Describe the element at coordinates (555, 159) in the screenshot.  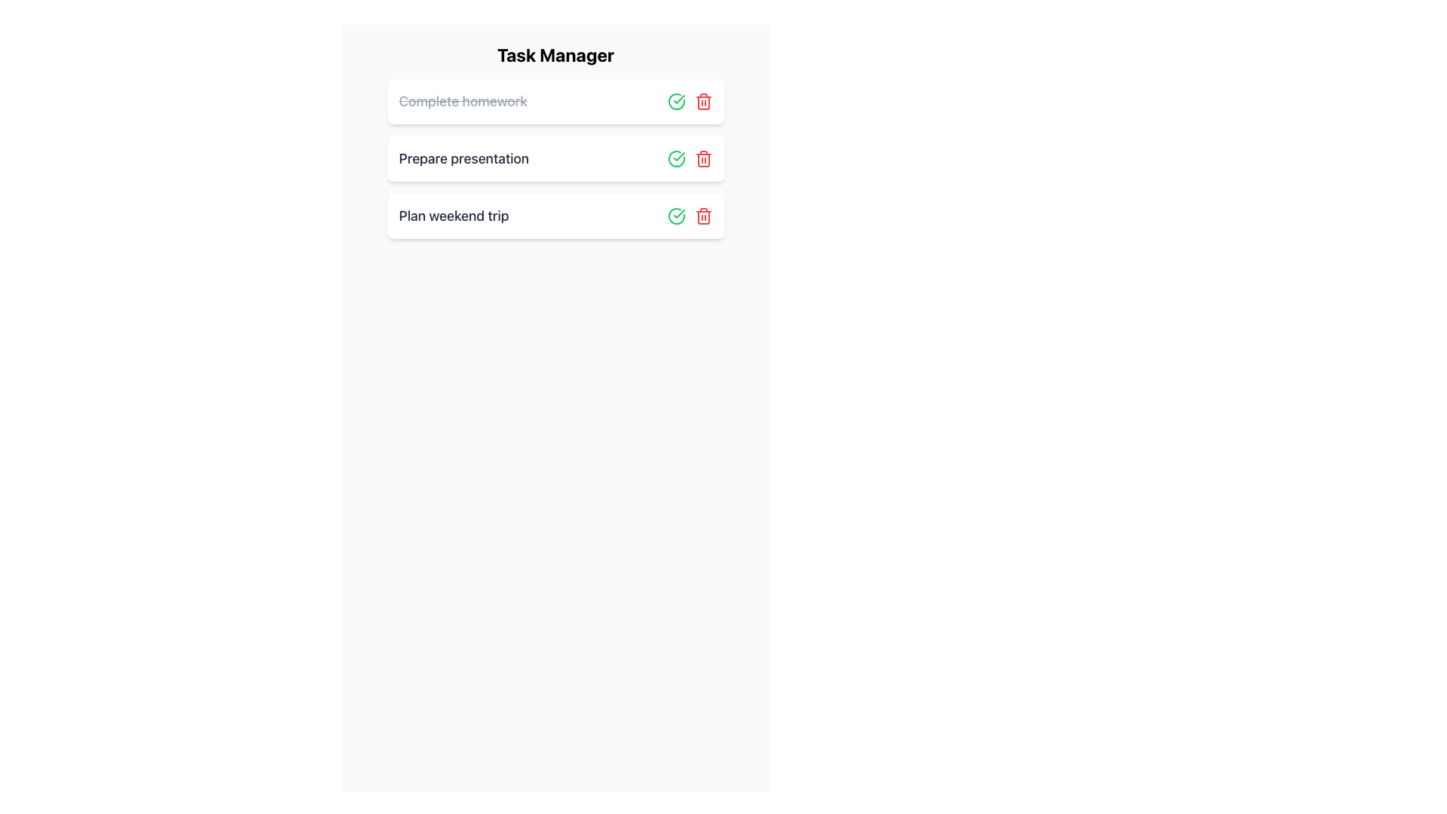
I see `the checkbox of the second item in the to-do list to mark it as complete` at that location.